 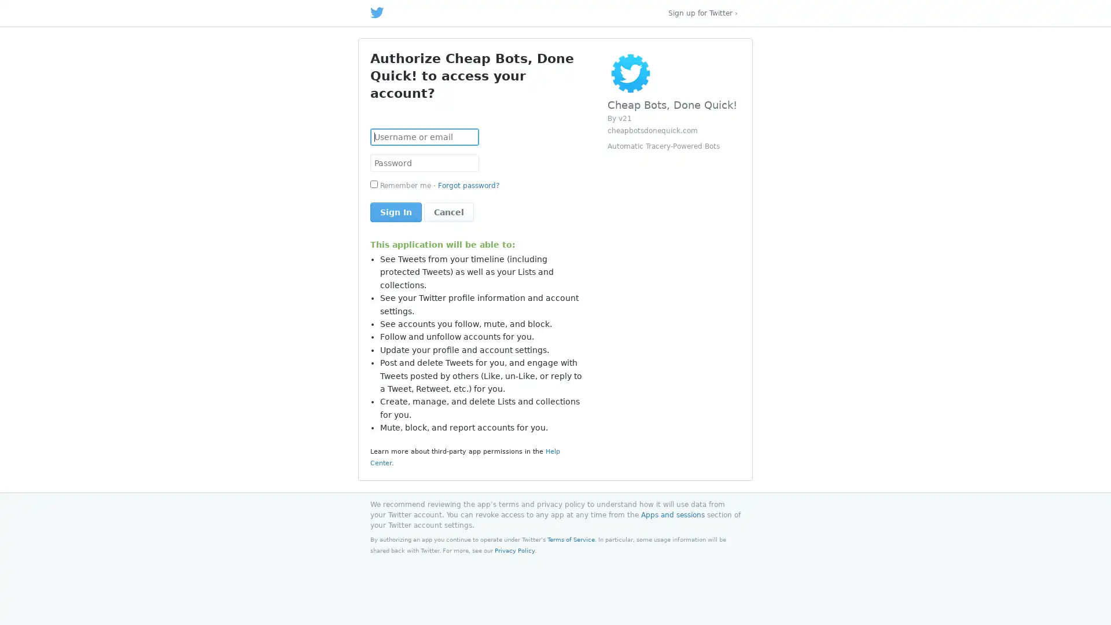 I want to click on Cancel, so click(x=448, y=212).